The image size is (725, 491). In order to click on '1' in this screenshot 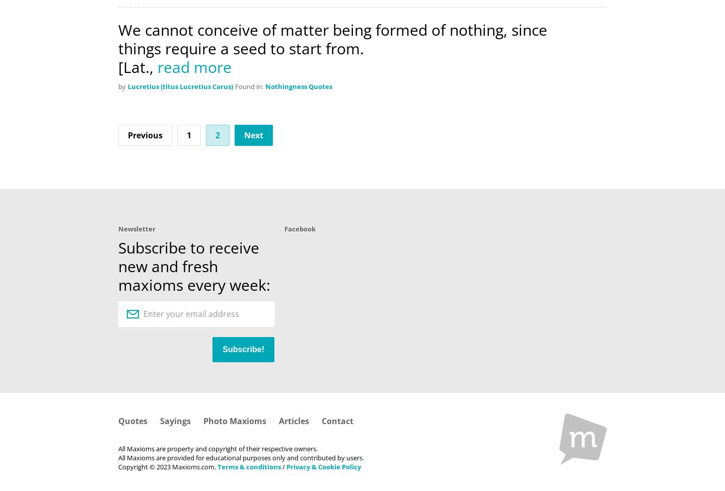, I will do `click(186, 135)`.